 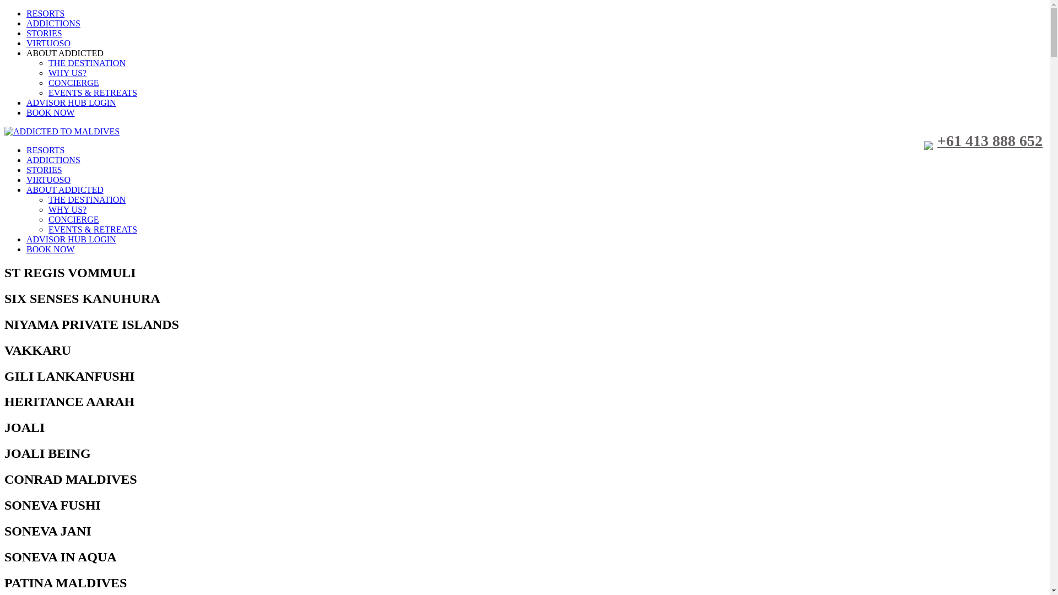 I want to click on 'STORIES', so click(x=44, y=170).